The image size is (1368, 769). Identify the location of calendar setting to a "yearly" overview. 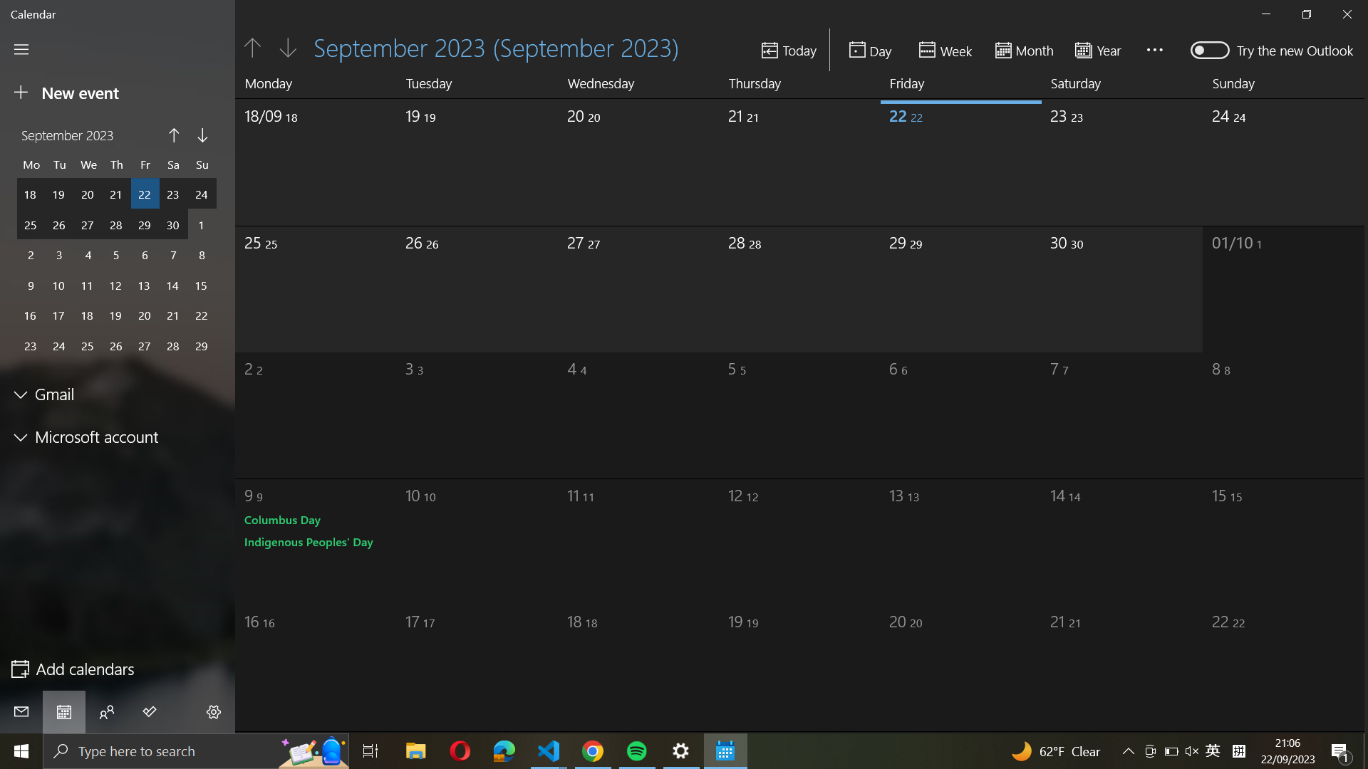
(1102, 48).